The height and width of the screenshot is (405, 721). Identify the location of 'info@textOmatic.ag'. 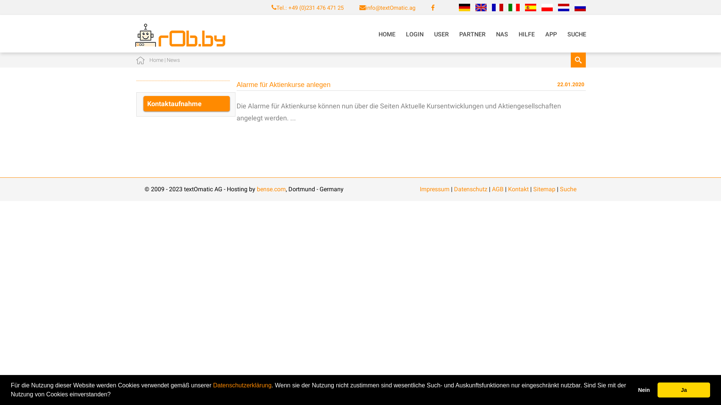
(391, 7).